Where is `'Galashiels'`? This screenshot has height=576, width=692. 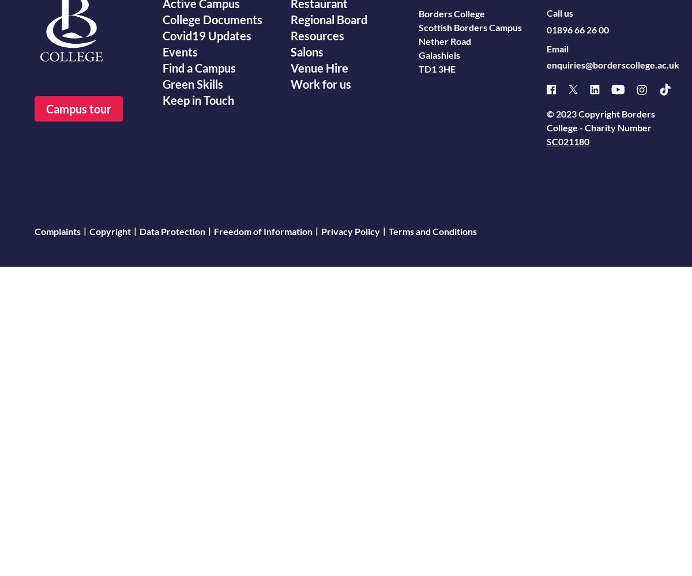
'Galashiels' is located at coordinates (439, 54).